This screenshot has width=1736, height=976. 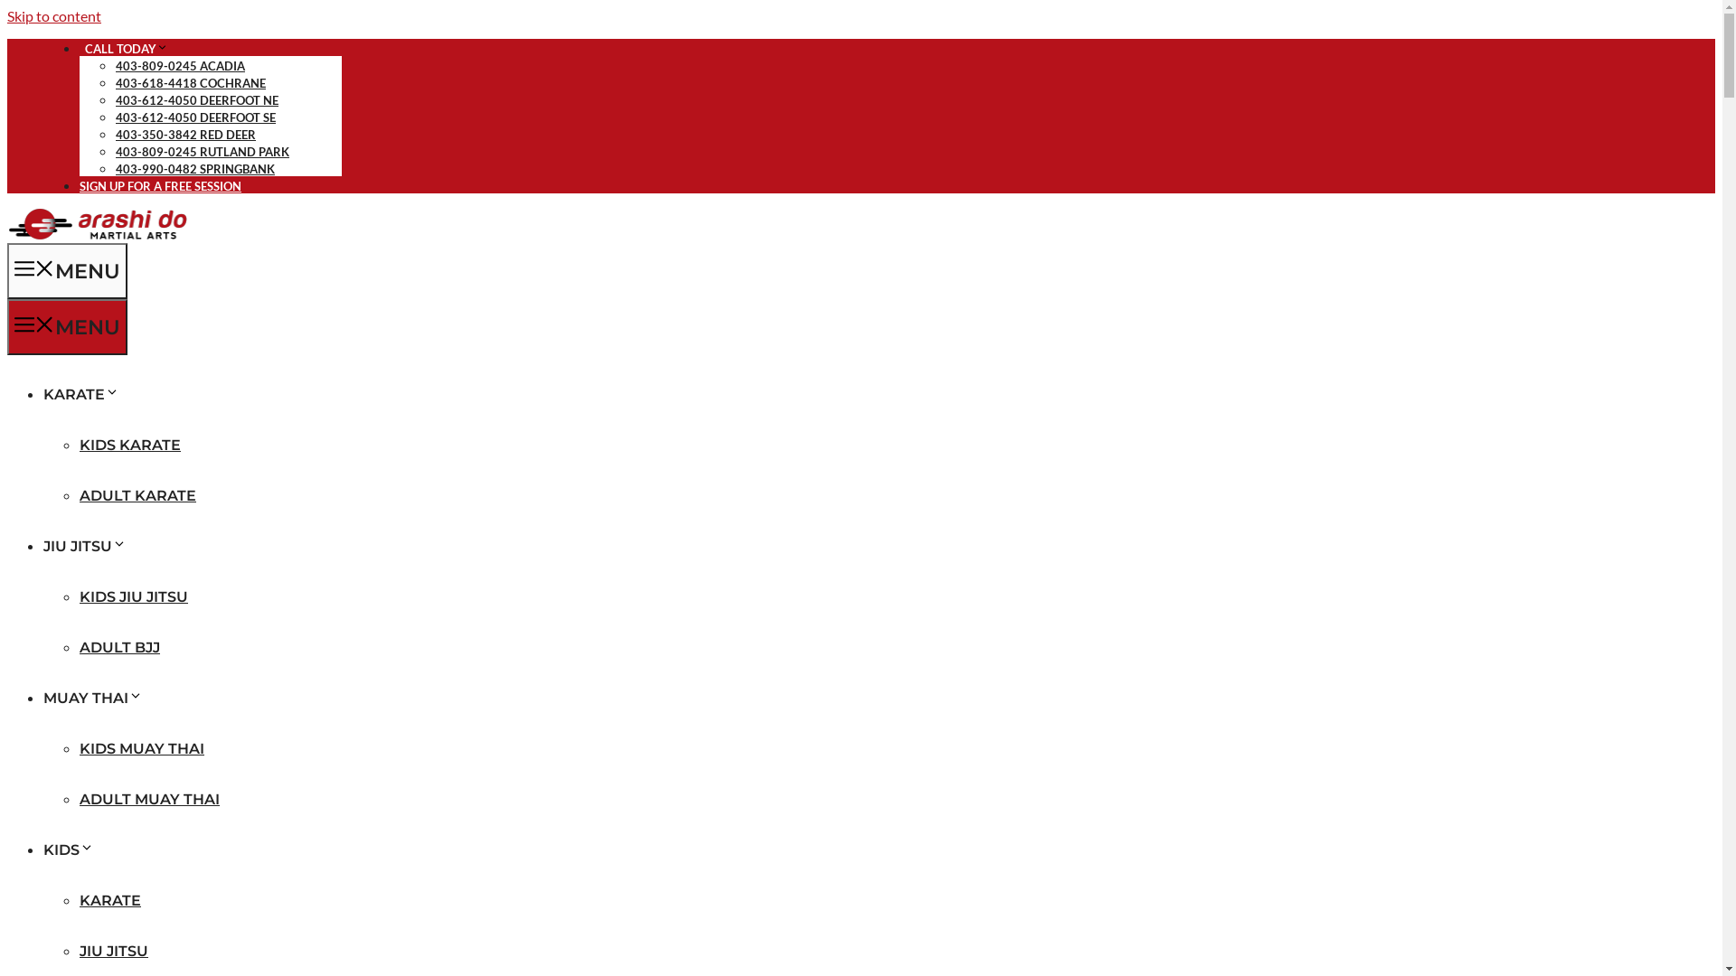 I want to click on '403-350-3842 RED DEER', so click(x=185, y=134).